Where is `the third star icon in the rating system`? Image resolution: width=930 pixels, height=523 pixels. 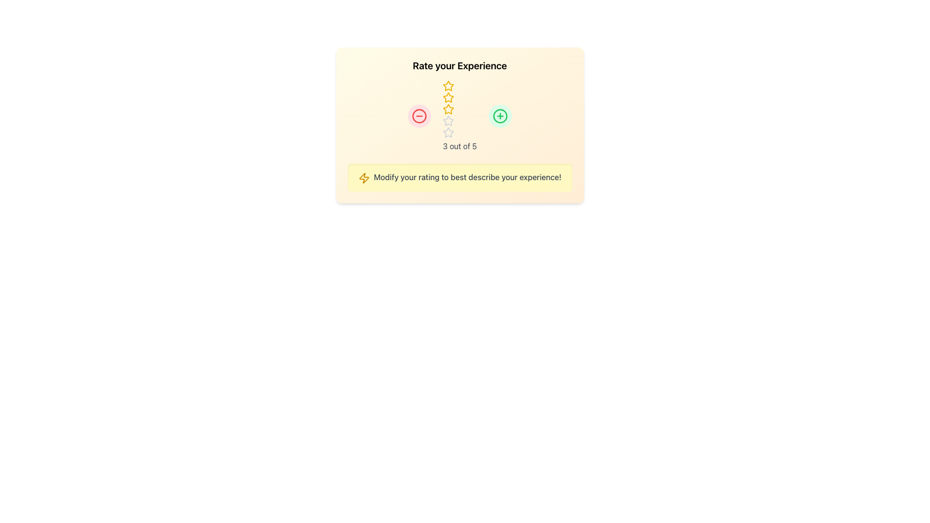
the third star icon in the rating system is located at coordinates (448, 132).